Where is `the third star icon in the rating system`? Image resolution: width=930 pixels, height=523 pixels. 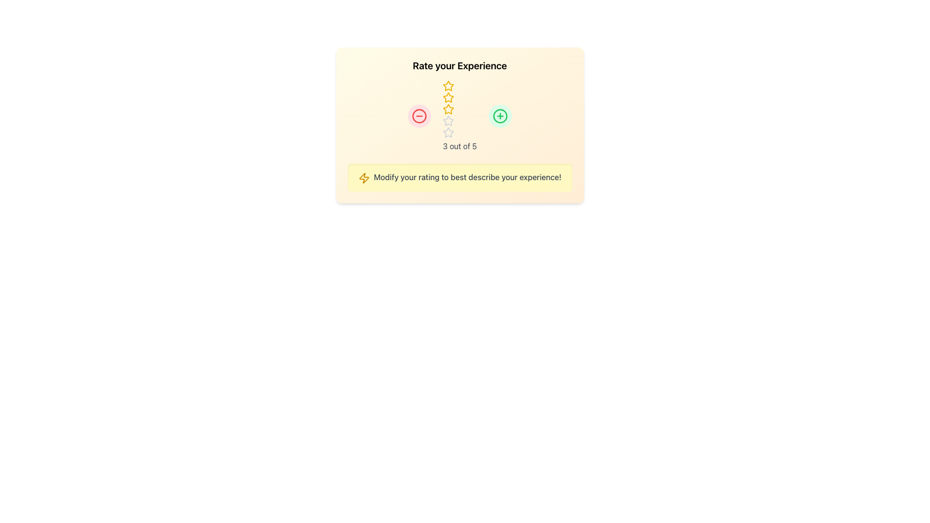
the third star icon in the rating system is located at coordinates (448, 132).